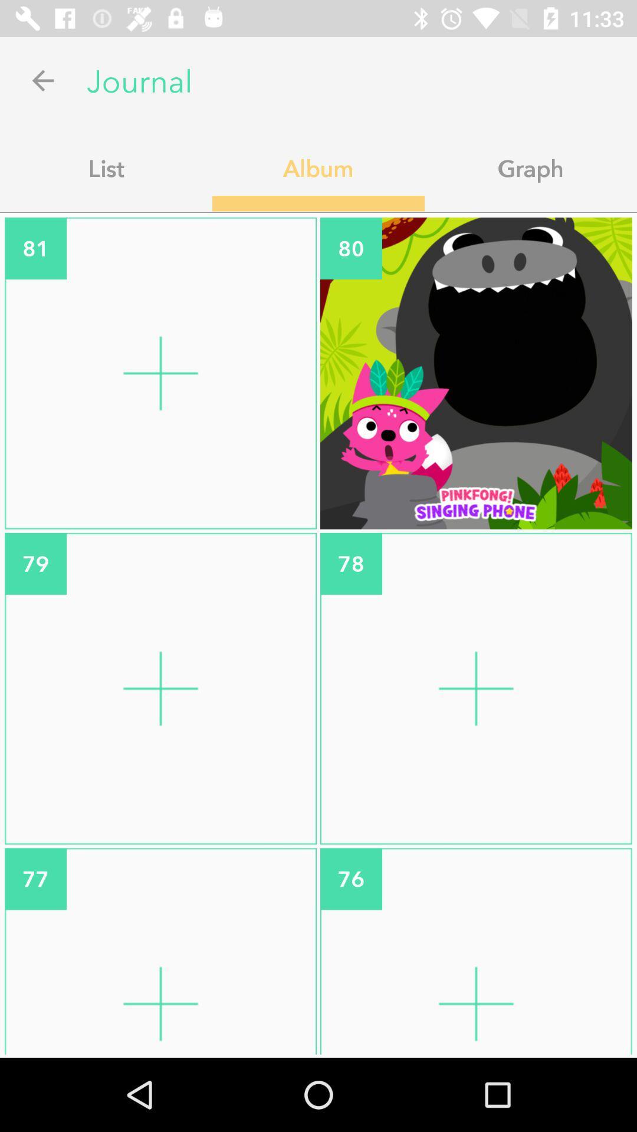  Describe the element at coordinates (42, 80) in the screenshot. I see `go back` at that location.